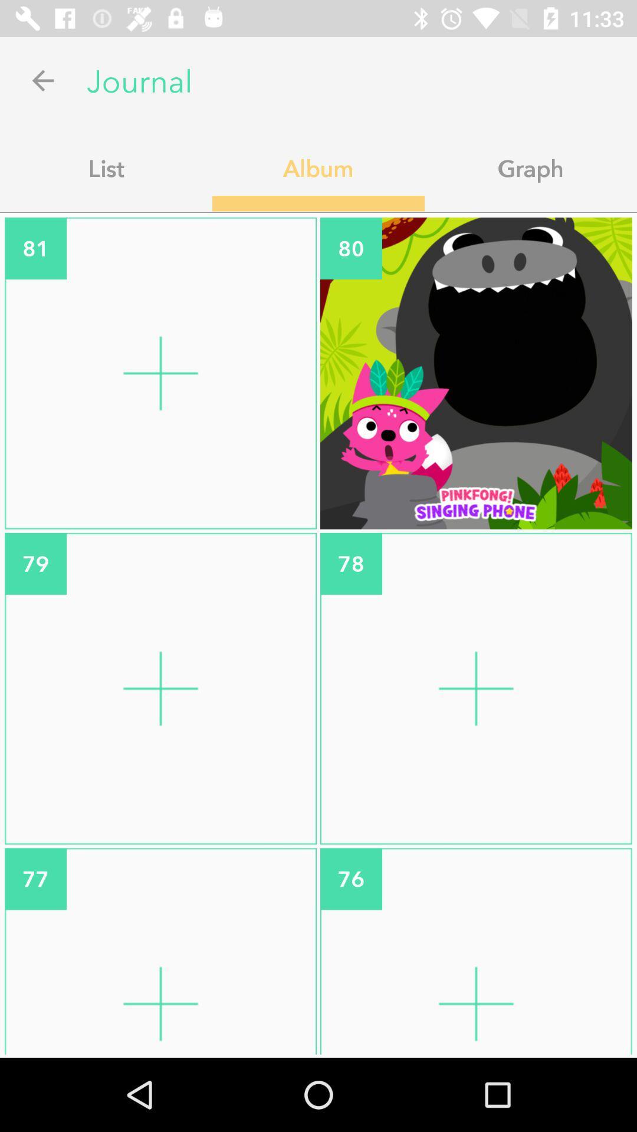  Describe the element at coordinates (42, 80) in the screenshot. I see `go back` at that location.